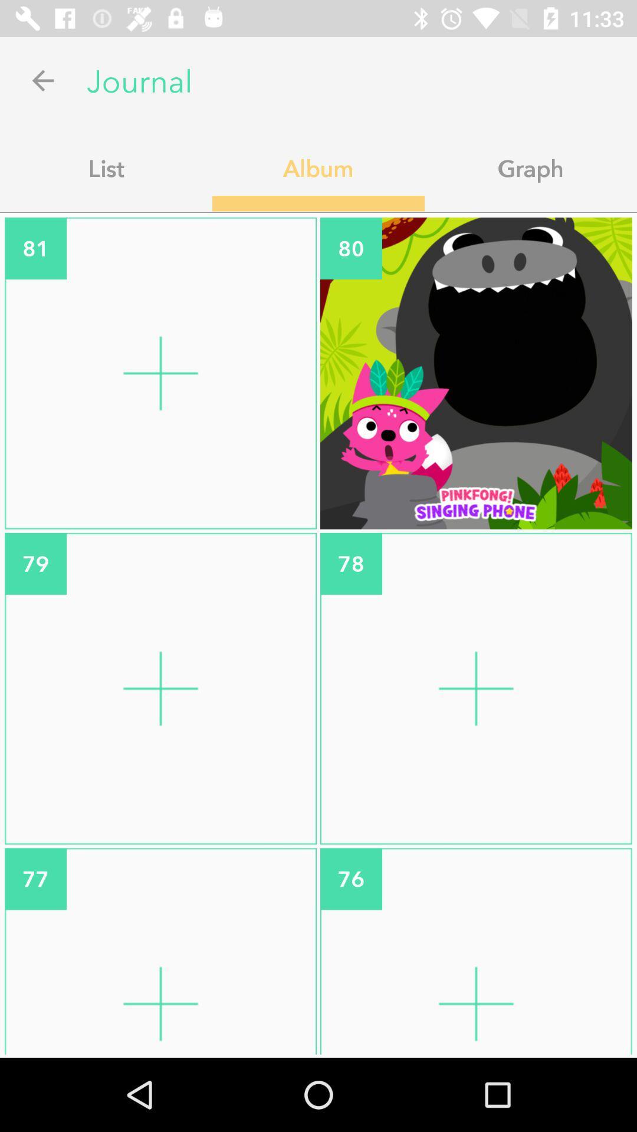  Describe the element at coordinates (42, 80) in the screenshot. I see `go back` at that location.